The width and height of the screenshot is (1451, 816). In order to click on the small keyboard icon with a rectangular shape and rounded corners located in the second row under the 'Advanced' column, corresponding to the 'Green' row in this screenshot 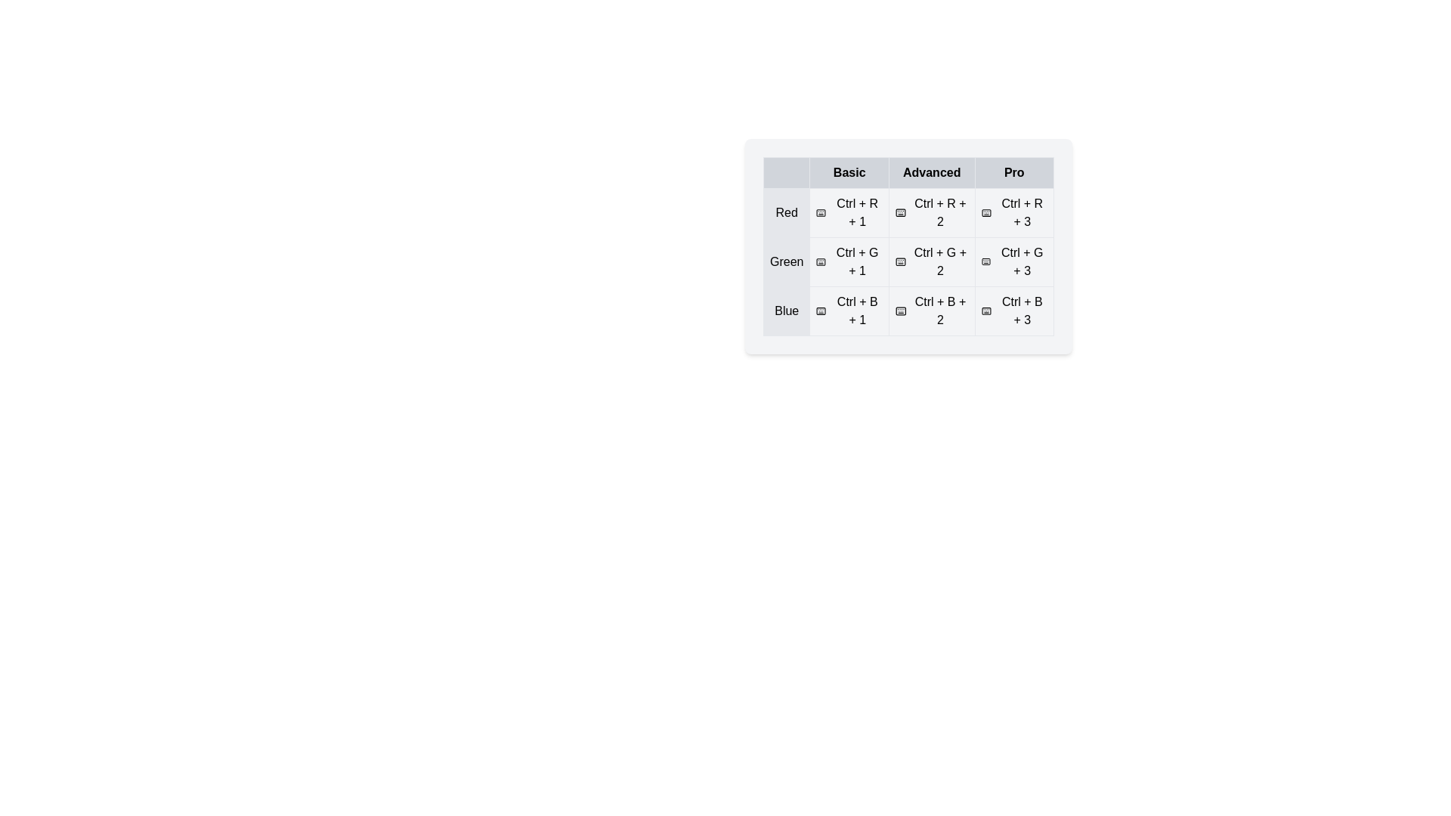, I will do `click(901, 261)`.